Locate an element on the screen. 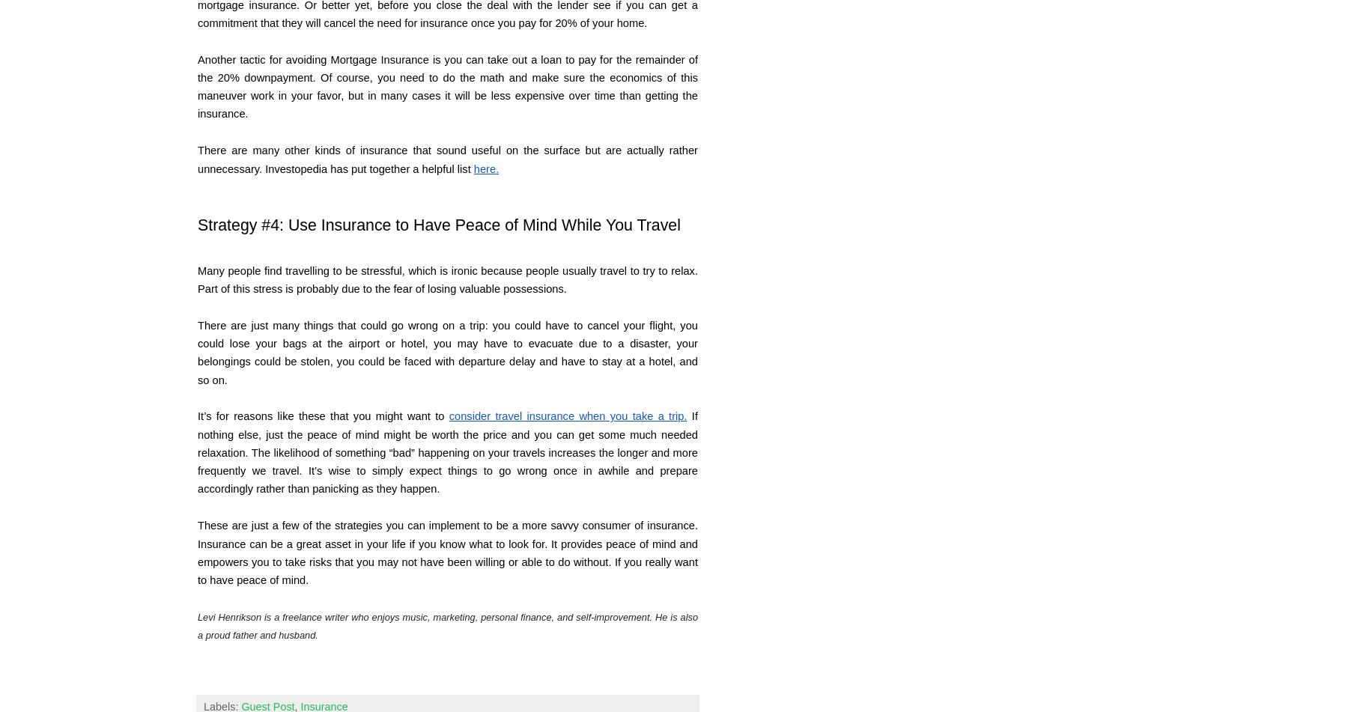  'Another tactic for avoiding Mortgage Insurance is you can take out a loan to pay for the remainder of the 20% downpayment. Of course, you need to do the math and make sure the economics of this maneuver work in your favor, but in many cases it will be less expensive over time than getting the insurance.' is located at coordinates (449, 86).